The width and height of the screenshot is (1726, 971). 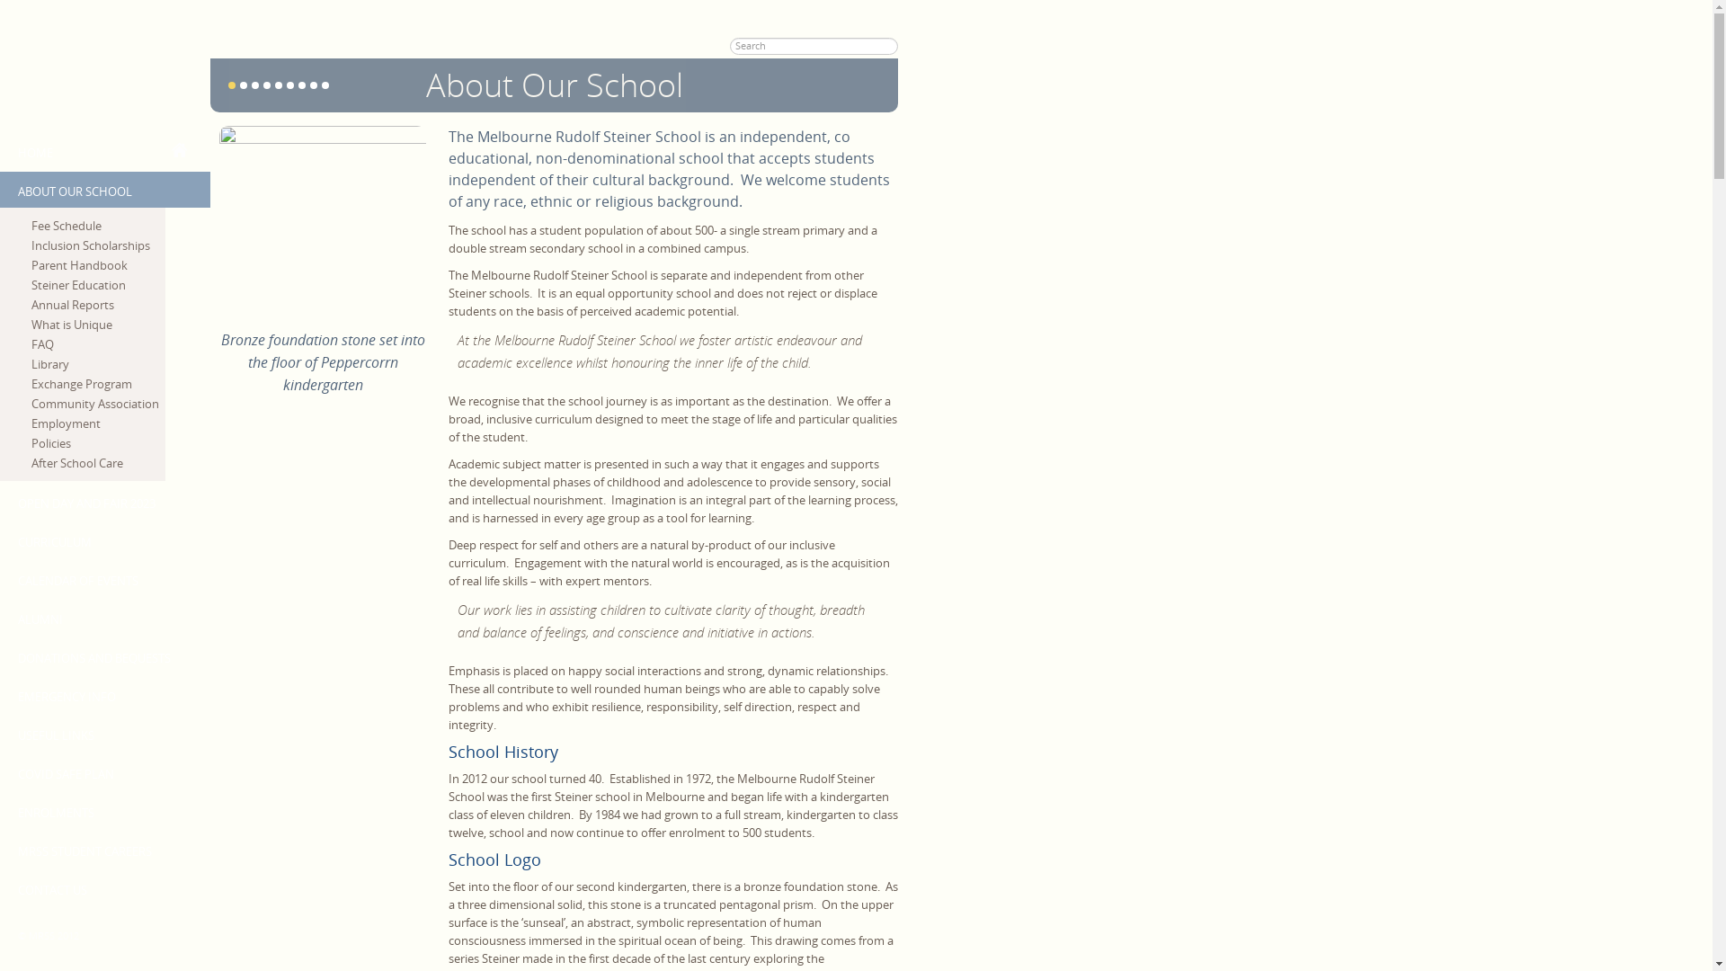 I want to click on 'Exchange Program', so click(x=97, y=383).